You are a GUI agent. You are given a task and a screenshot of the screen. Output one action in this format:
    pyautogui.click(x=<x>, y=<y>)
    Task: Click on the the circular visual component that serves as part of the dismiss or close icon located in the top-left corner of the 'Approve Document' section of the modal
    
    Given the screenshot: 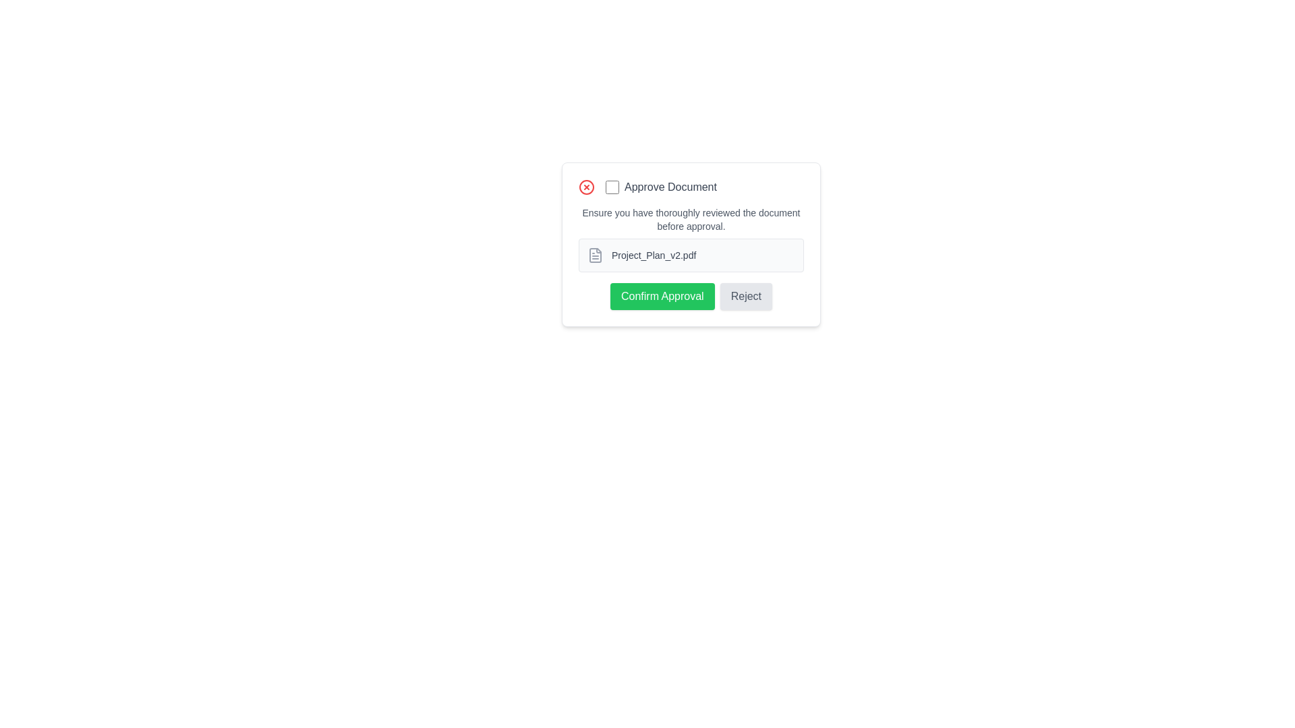 What is the action you would take?
    pyautogui.click(x=586, y=187)
    